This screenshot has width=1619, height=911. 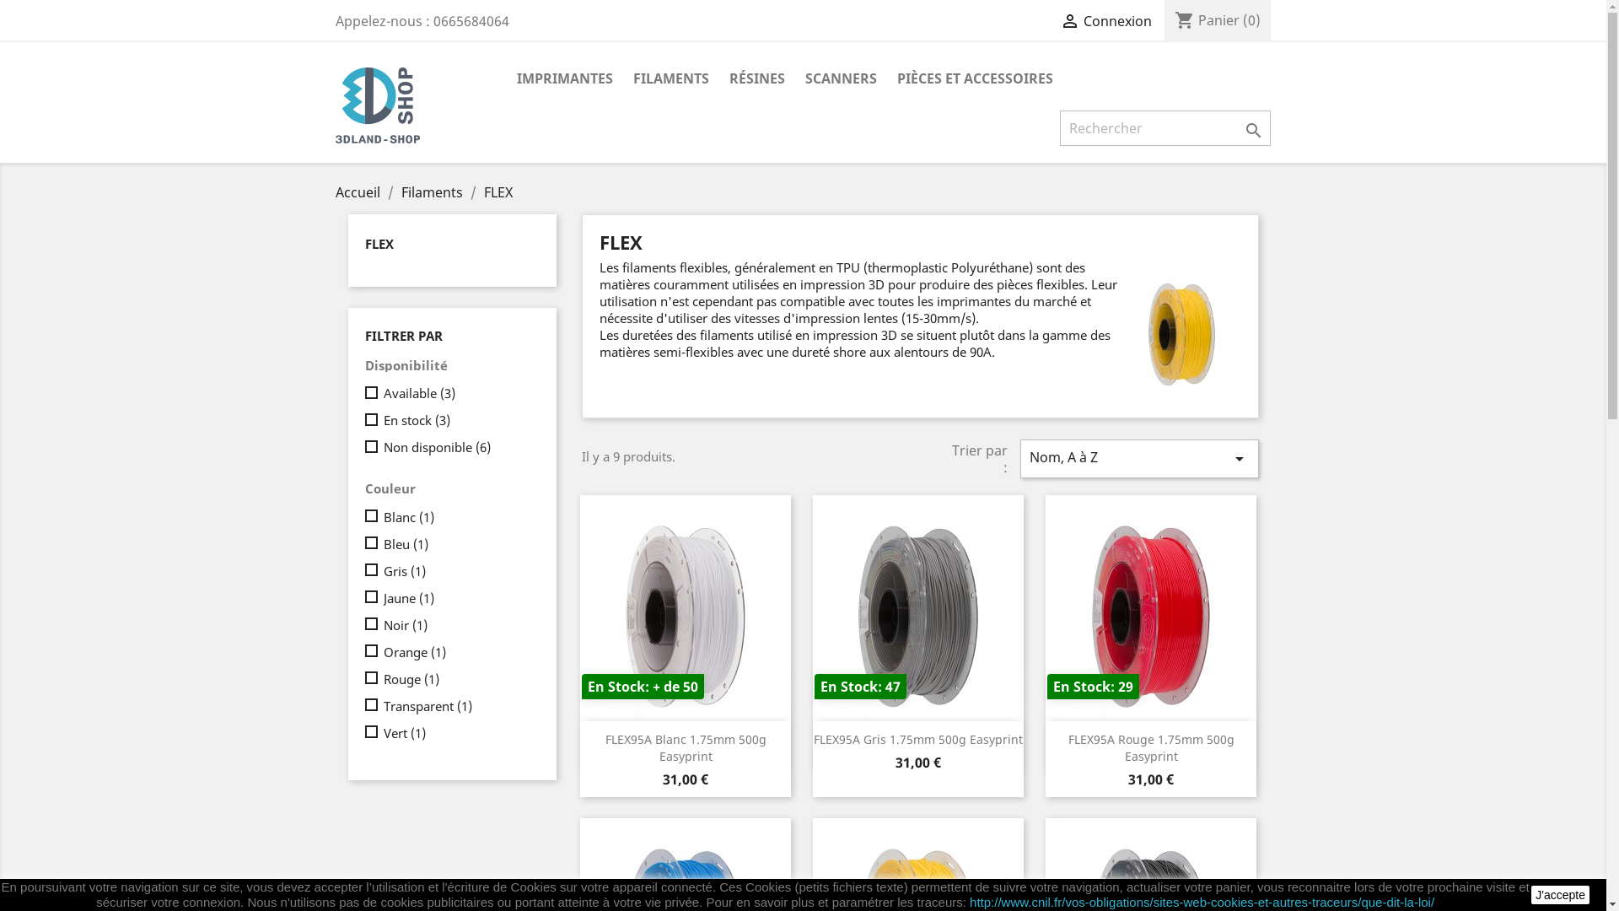 I want to click on 'Non disponible (6)', so click(x=457, y=445).